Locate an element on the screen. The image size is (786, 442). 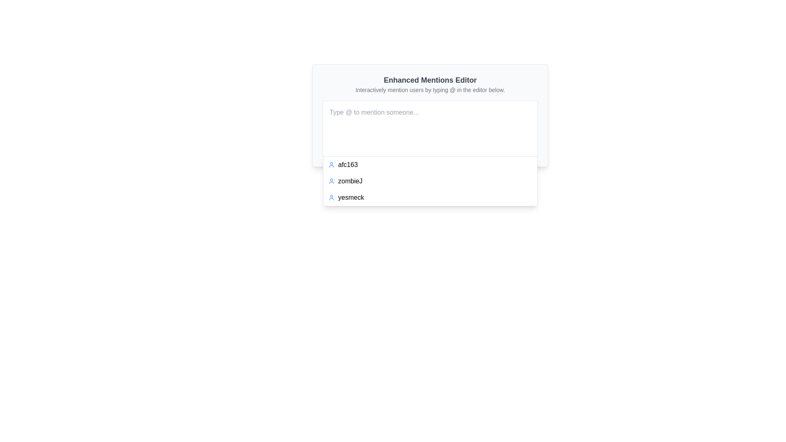
the text label displaying 'Enhanced Mentions Editor' which is bold and dark gray, positioned near the top-center of the interface is located at coordinates (430, 80).